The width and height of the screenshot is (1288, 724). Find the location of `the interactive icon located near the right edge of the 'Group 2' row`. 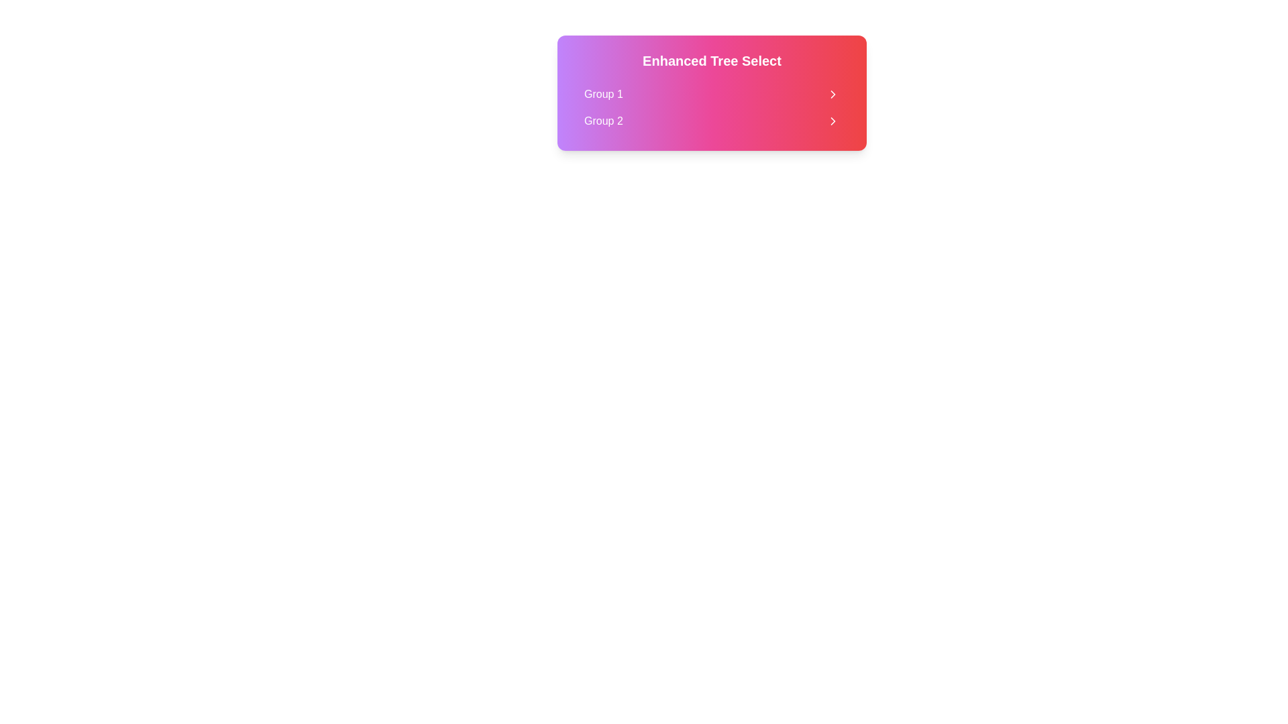

the interactive icon located near the right edge of the 'Group 2' row is located at coordinates (833, 121).